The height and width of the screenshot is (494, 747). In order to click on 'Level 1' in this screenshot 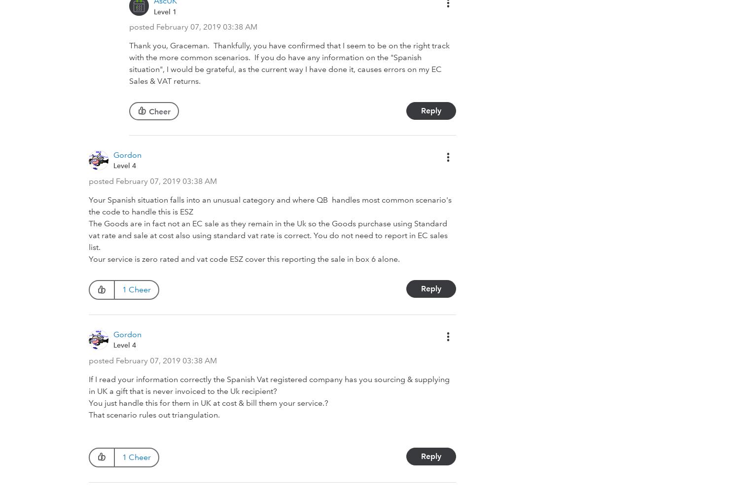, I will do `click(165, 11)`.